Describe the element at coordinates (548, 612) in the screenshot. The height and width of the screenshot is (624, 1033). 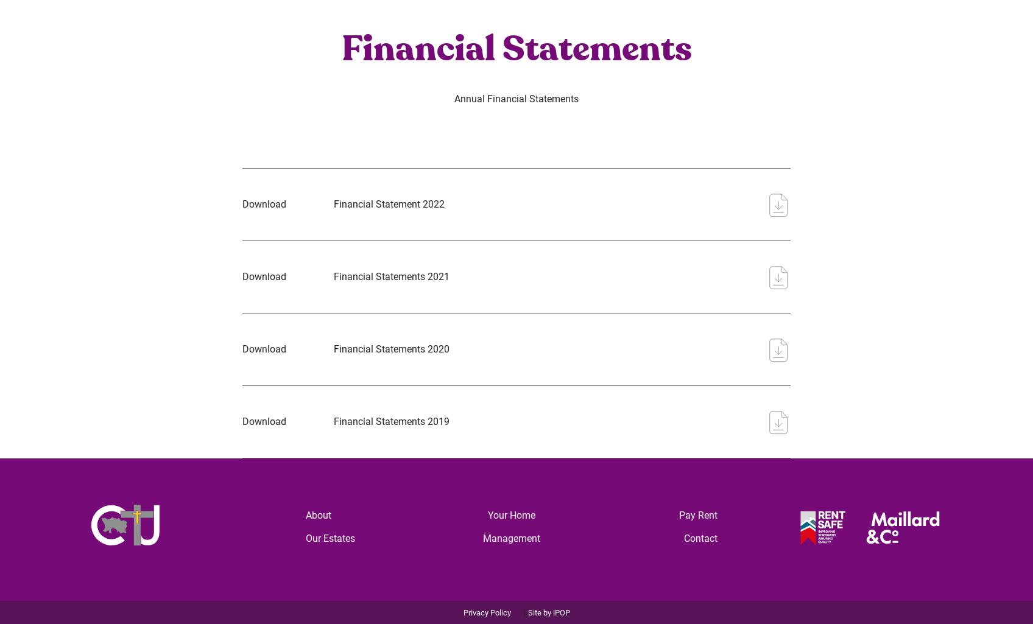
I see `'Site by iPOP'` at that location.